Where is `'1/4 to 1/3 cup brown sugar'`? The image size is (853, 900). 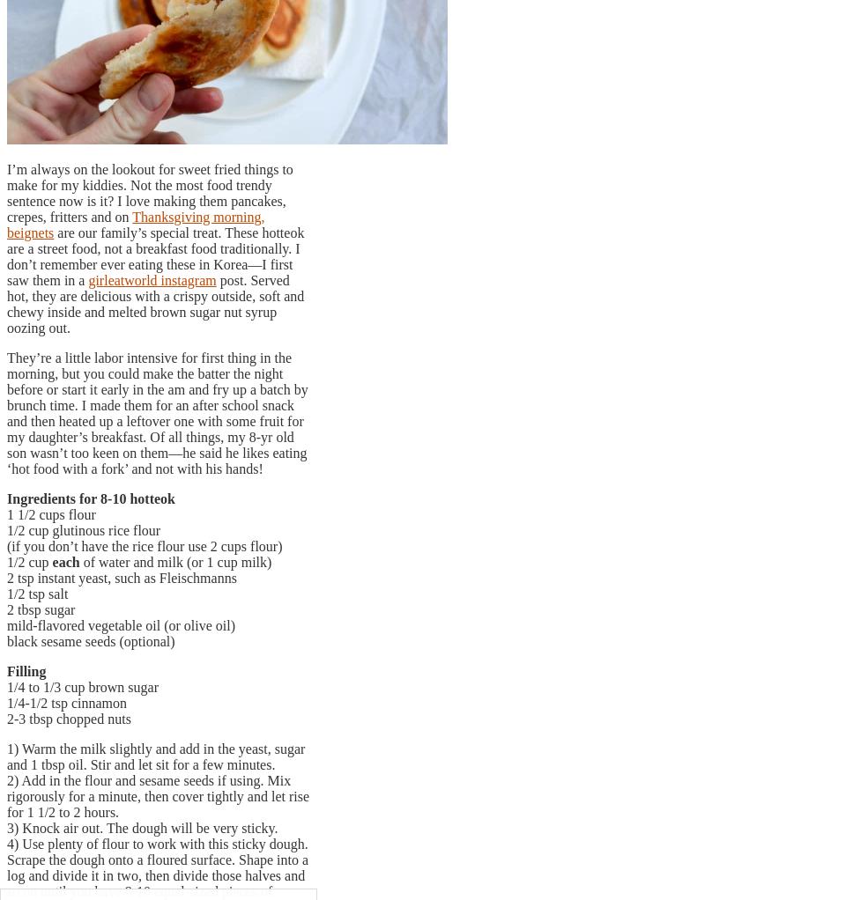 '1/4 to 1/3 cup brown sugar' is located at coordinates (82, 686).